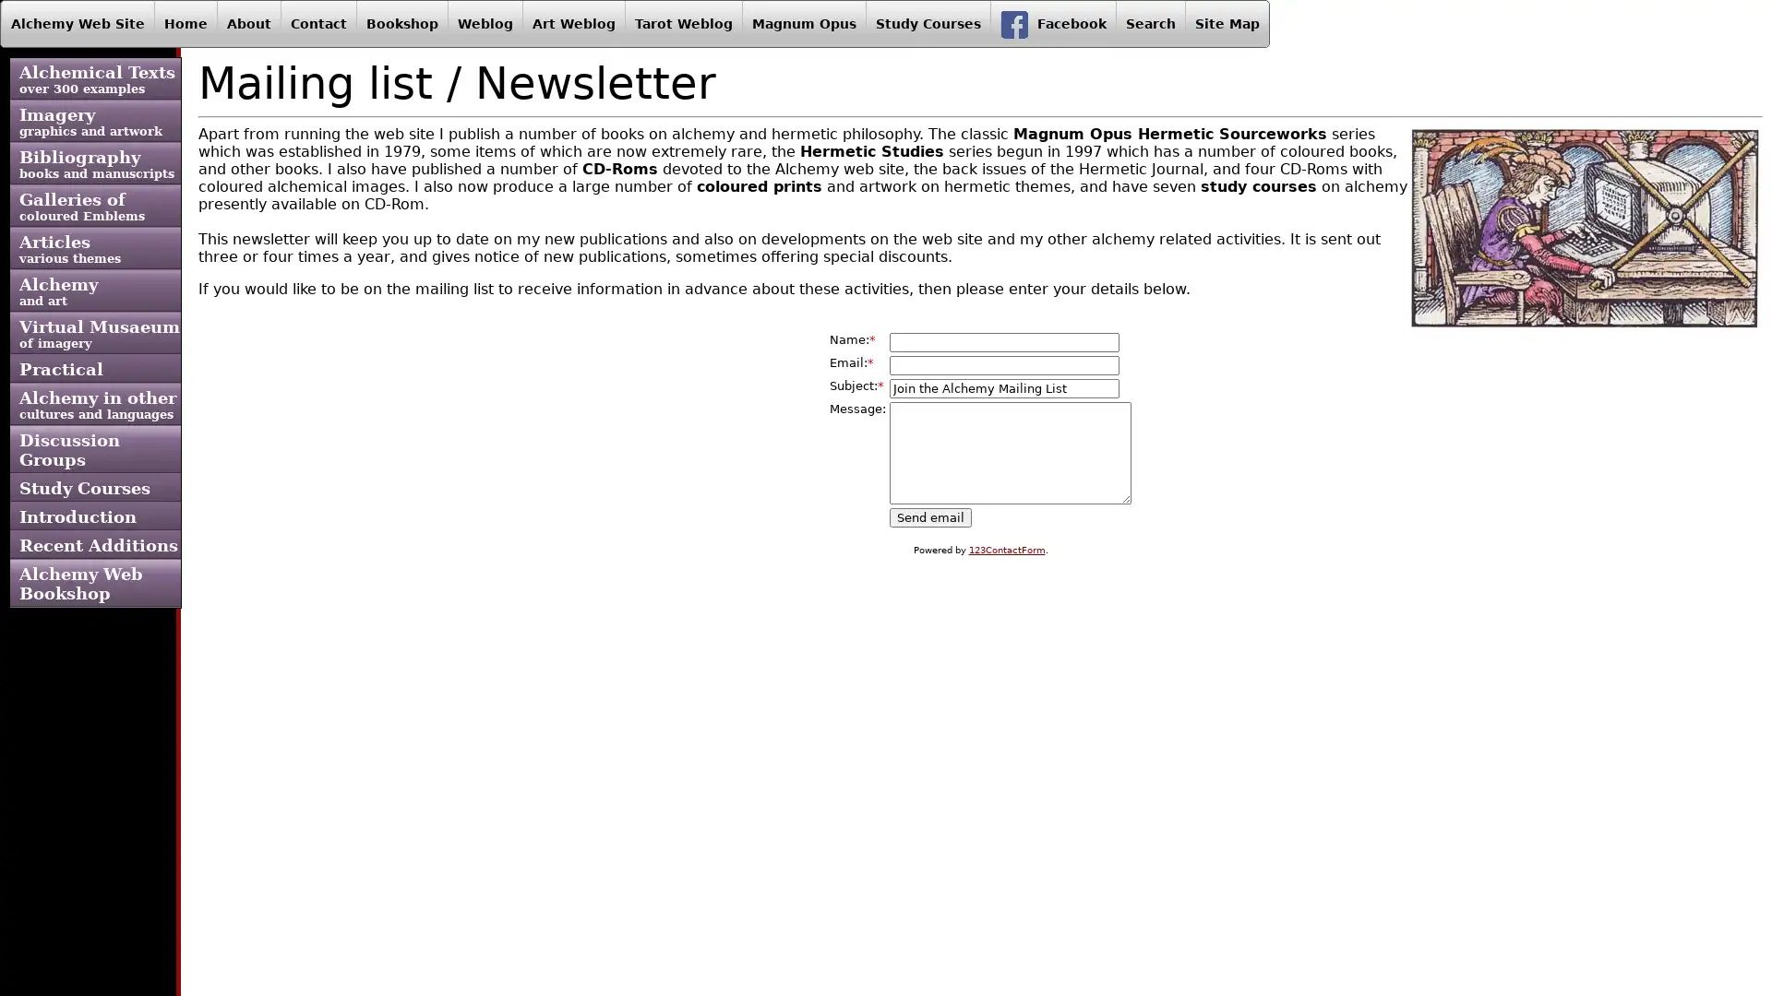 The width and height of the screenshot is (1772, 996). What do you see at coordinates (930, 517) in the screenshot?
I see `Send email` at bounding box center [930, 517].